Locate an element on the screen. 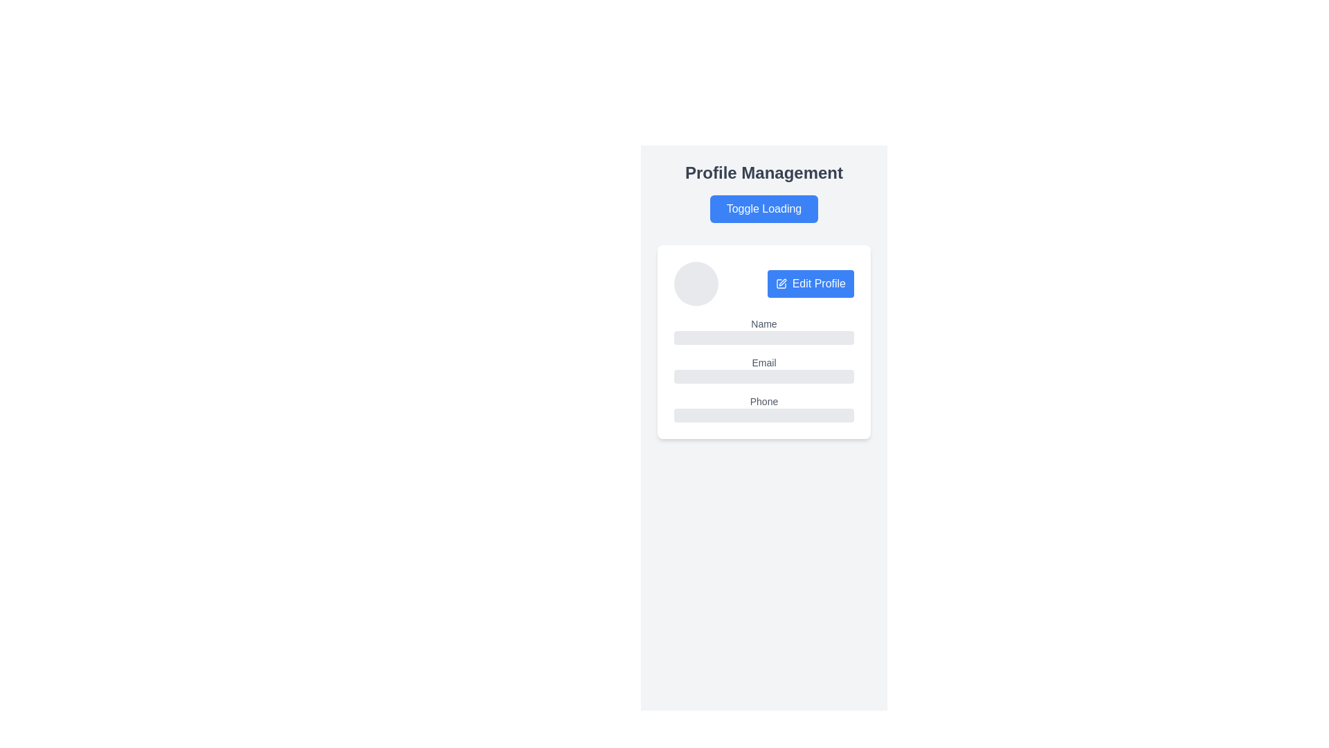  the button located below the 'Profile Management' text is located at coordinates (763, 208).